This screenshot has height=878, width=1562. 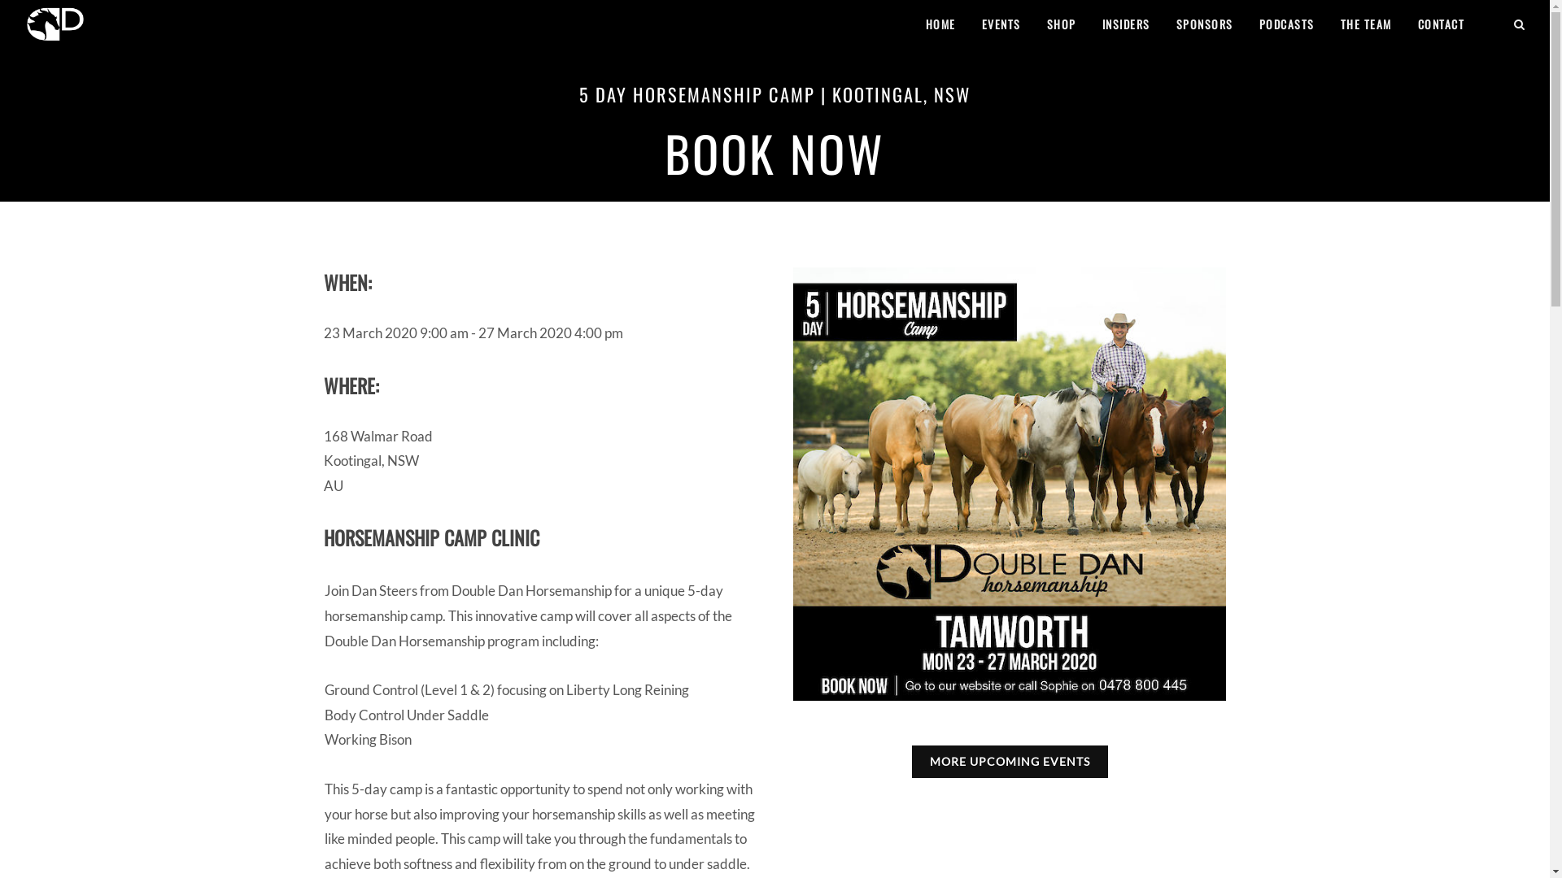 What do you see at coordinates (1125, 24) in the screenshot?
I see `'INSIDERS'` at bounding box center [1125, 24].